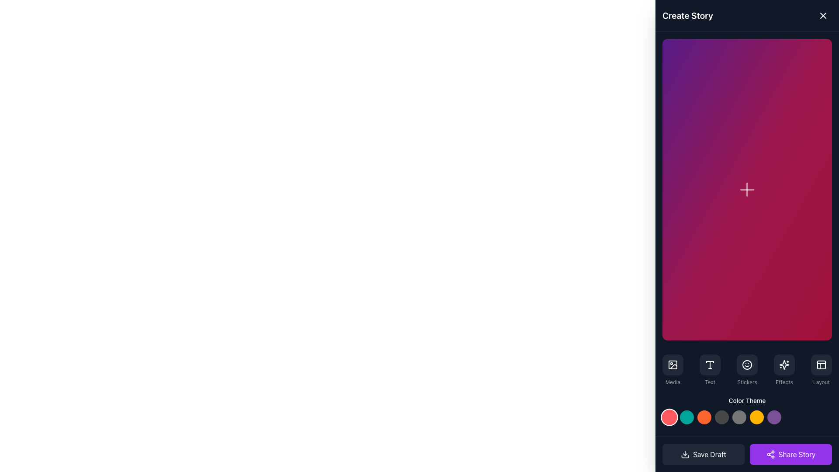 The height and width of the screenshot is (472, 839). I want to click on the star burst icon located in the 'Effects' section, so click(784, 364).